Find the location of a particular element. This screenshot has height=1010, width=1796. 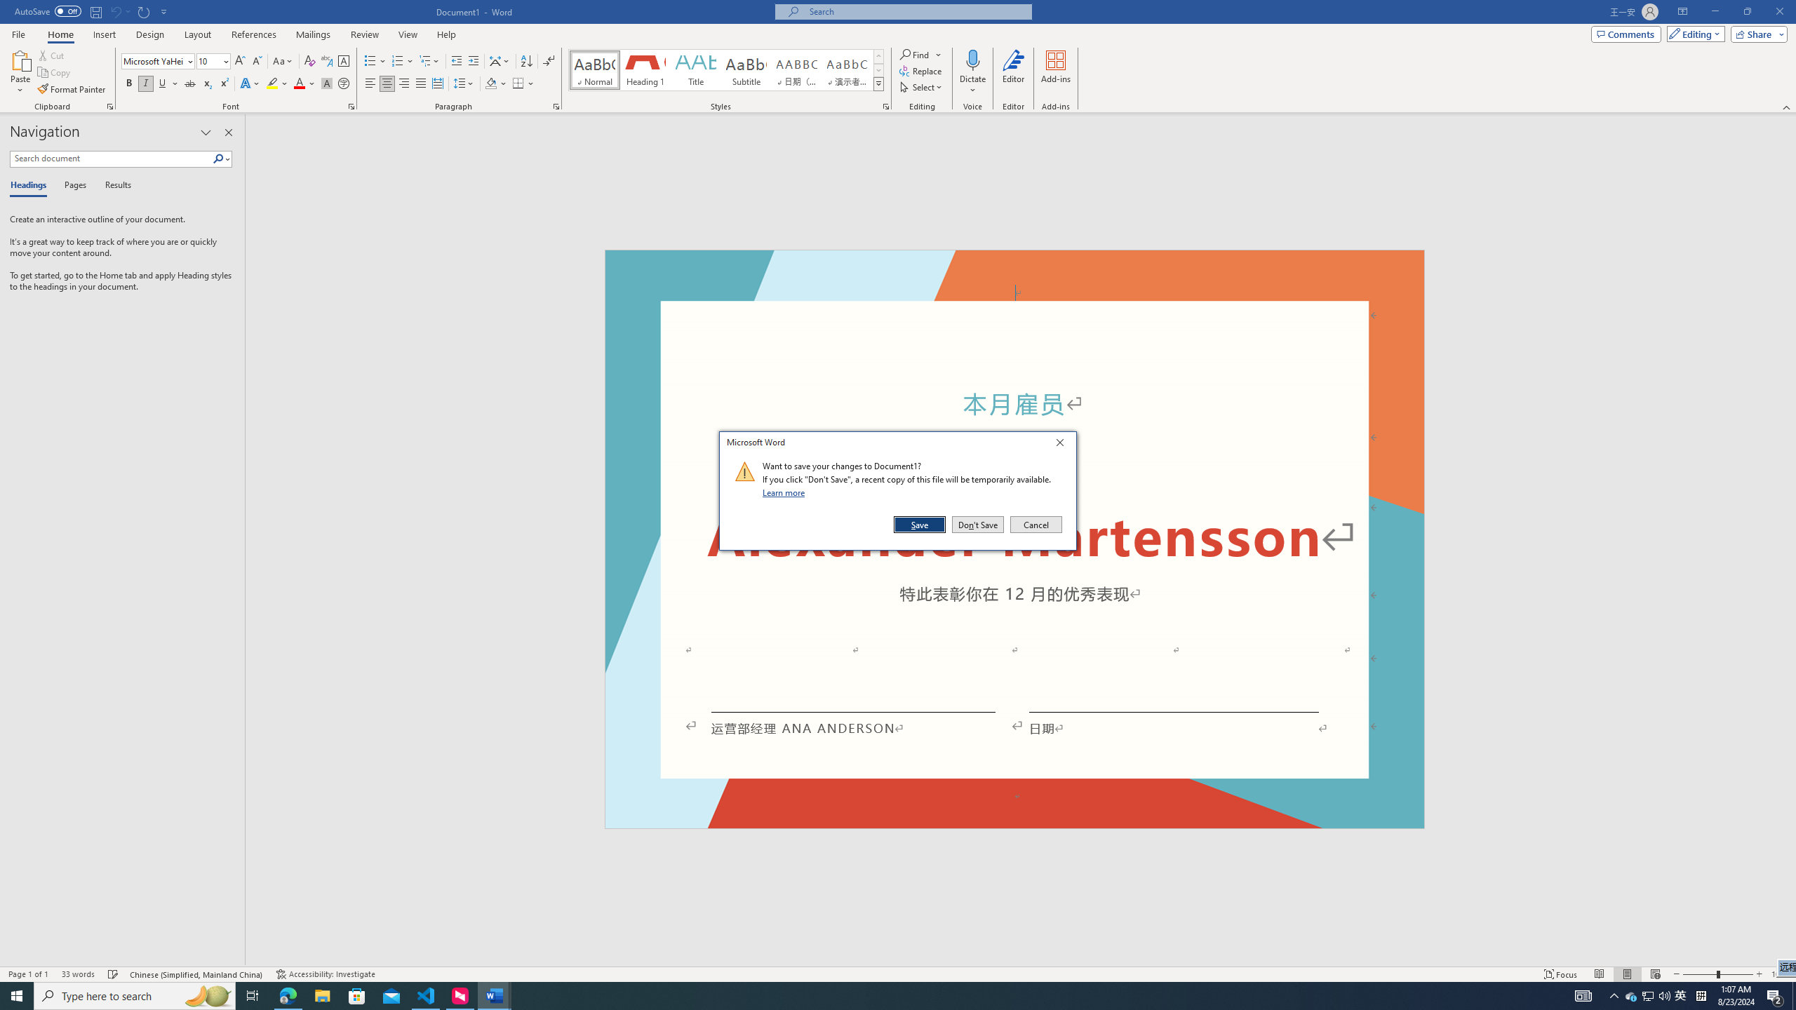

'Microsoft search' is located at coordinates (915, 11).